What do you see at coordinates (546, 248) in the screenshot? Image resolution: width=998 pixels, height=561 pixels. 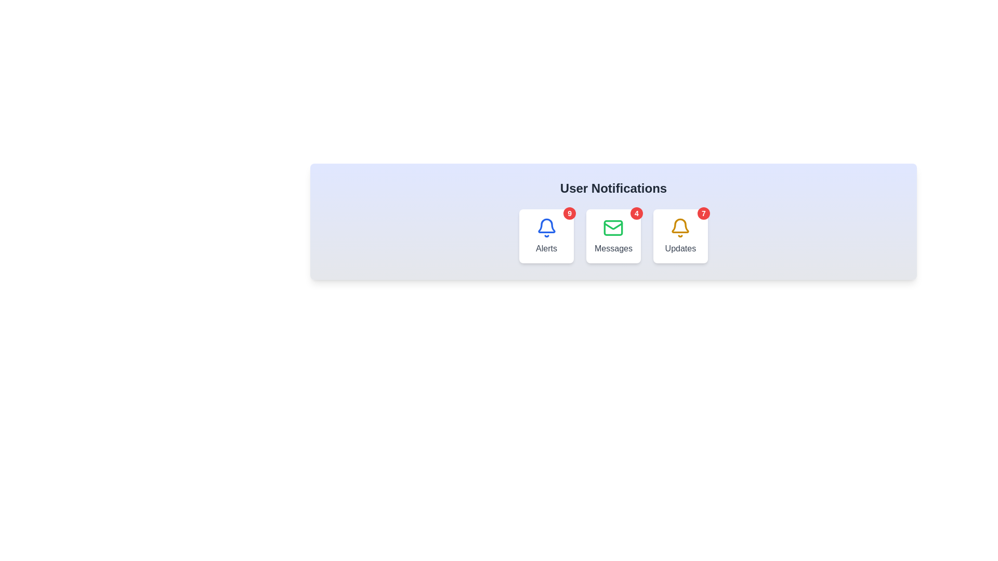 I see `the 'Alerts' label in the notifications section, positioned below the bell icon and red notification badge` at bounding box center [546, 248].